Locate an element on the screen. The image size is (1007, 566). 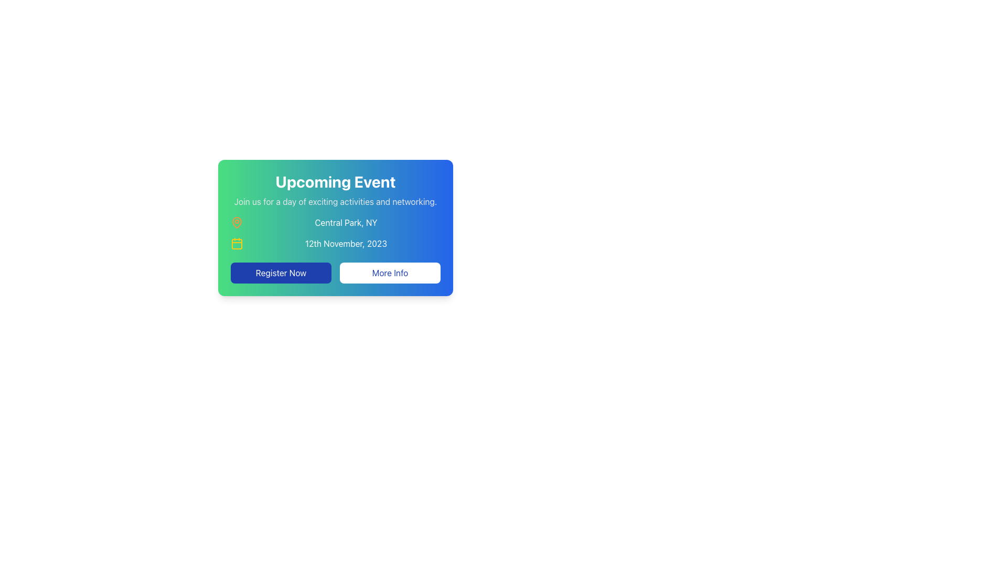
the 'Register Now' button, a vibrant blue button with white bold text is located at coordinates (281, 272).